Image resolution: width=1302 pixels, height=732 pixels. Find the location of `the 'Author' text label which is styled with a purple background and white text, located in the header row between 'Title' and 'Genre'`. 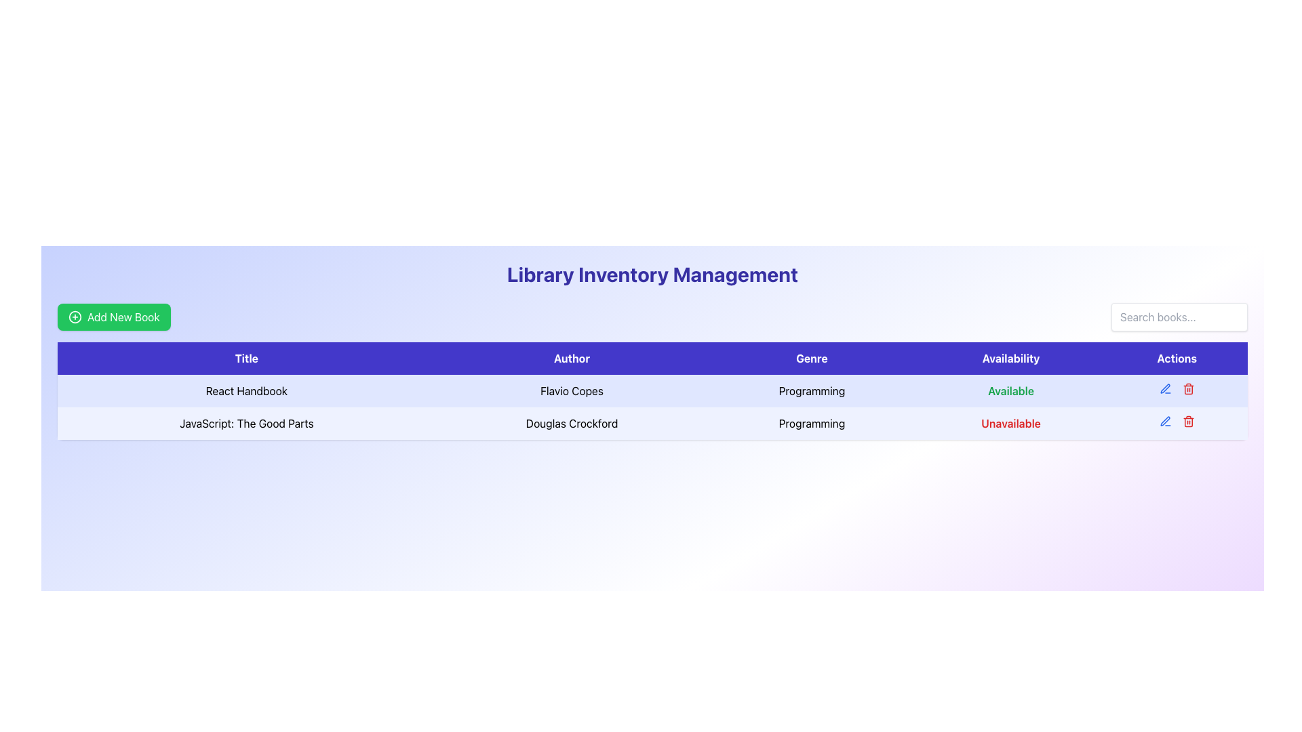

the 'Author' text label which is styled with a purple background and white text, located in the header row between 'Title' and 'Genre' is located at coordinates (572, 357).